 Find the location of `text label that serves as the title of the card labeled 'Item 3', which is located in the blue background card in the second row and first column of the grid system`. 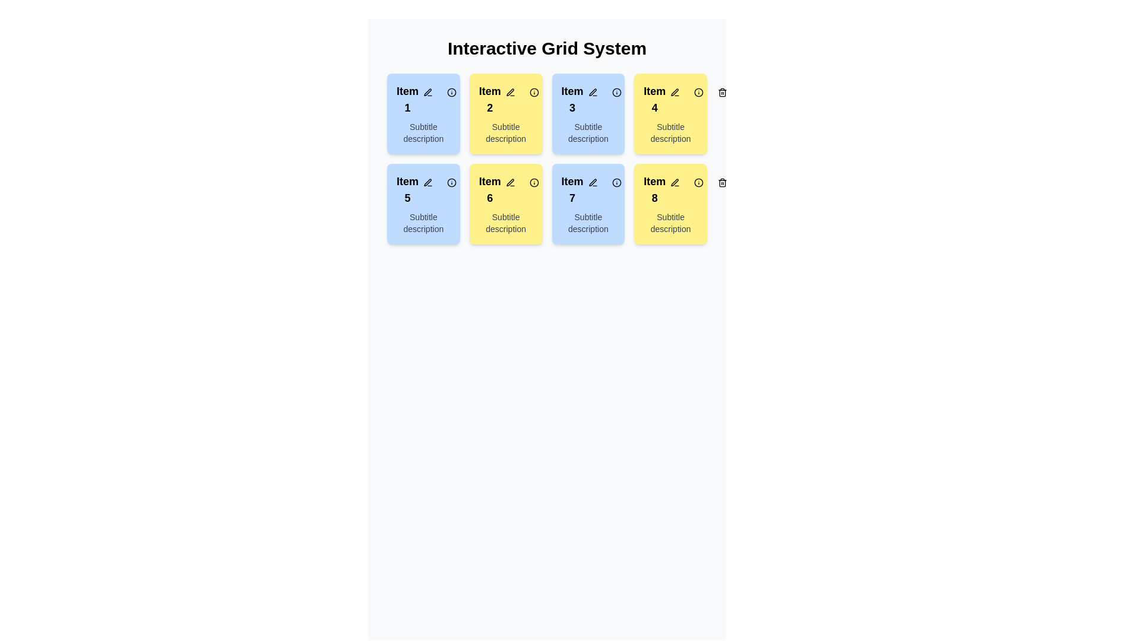

text label that serves as the title of the card labeled 'Item 3', which is located in the blue background card in the second row and first column of the grid system is located at coordinates (588, 99).